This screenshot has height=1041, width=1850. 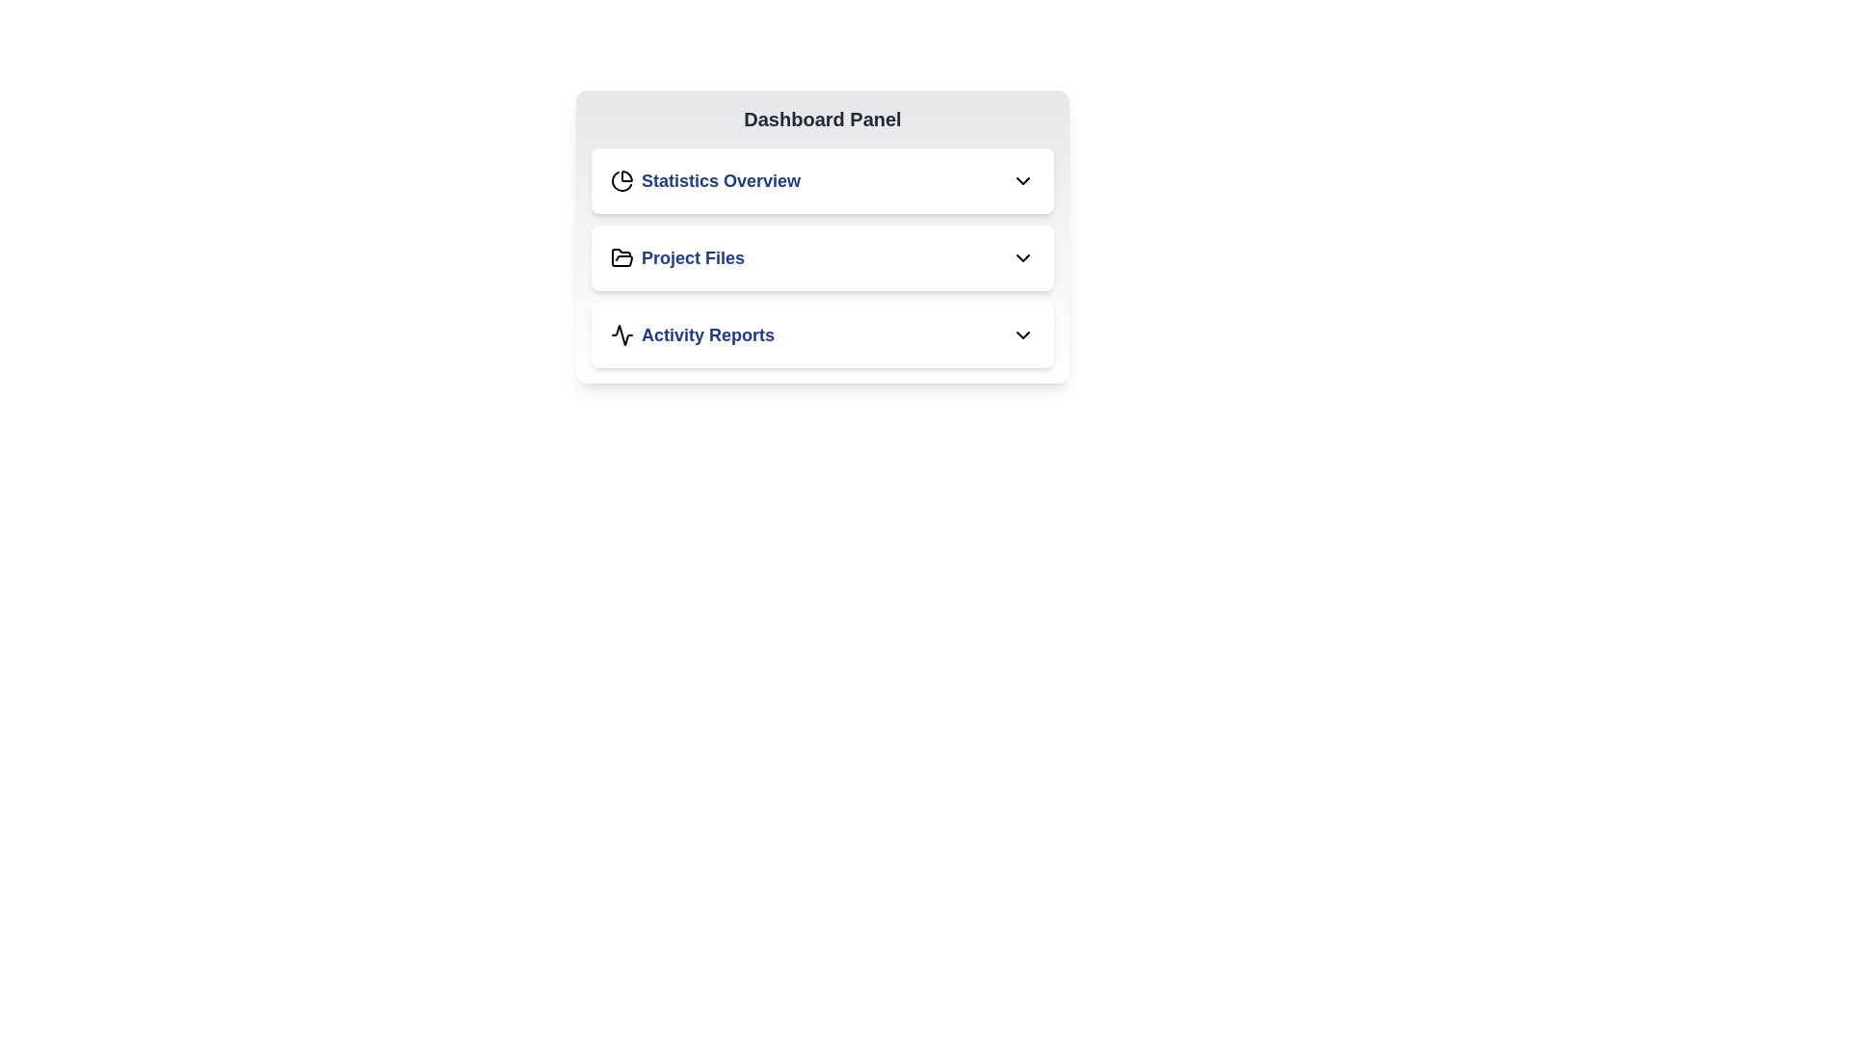 I want to click on the icon associated with the Project Files section, so click(x=622, y=256).